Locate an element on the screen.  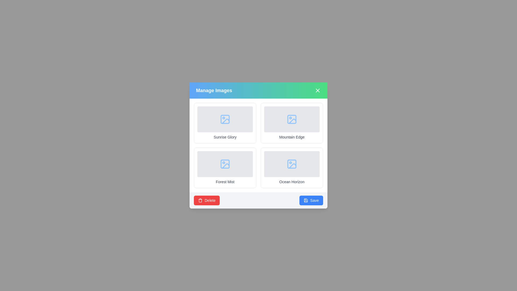
the light blue photograph icon in the 'Manage Images' modal is located at coordinates (225, 164).